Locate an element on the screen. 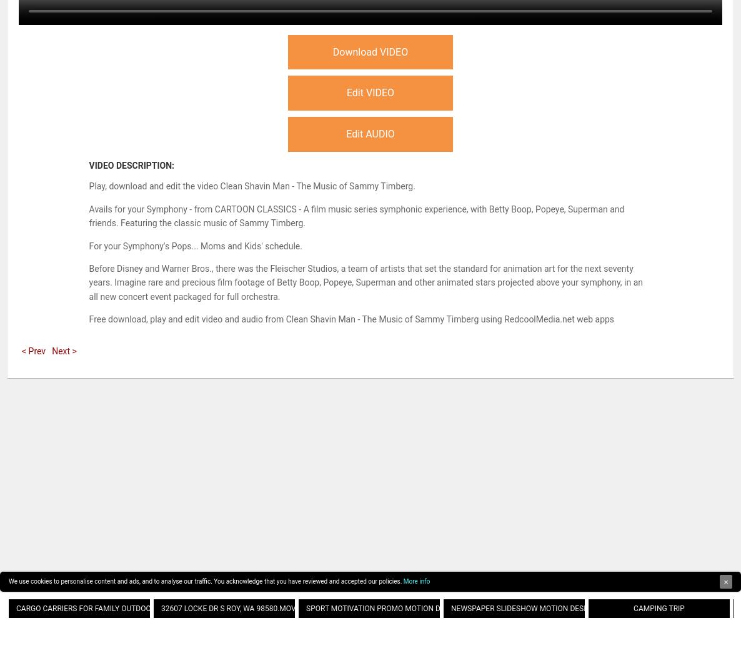  'Avails for your Symphony - from CARTOON CLASSICS - A film music series symphonic experience, with Betty Boop, Popeye, Superman and friends. Featuring the classic music of Sammy Timberg.' is located at coordinates (356, 215).